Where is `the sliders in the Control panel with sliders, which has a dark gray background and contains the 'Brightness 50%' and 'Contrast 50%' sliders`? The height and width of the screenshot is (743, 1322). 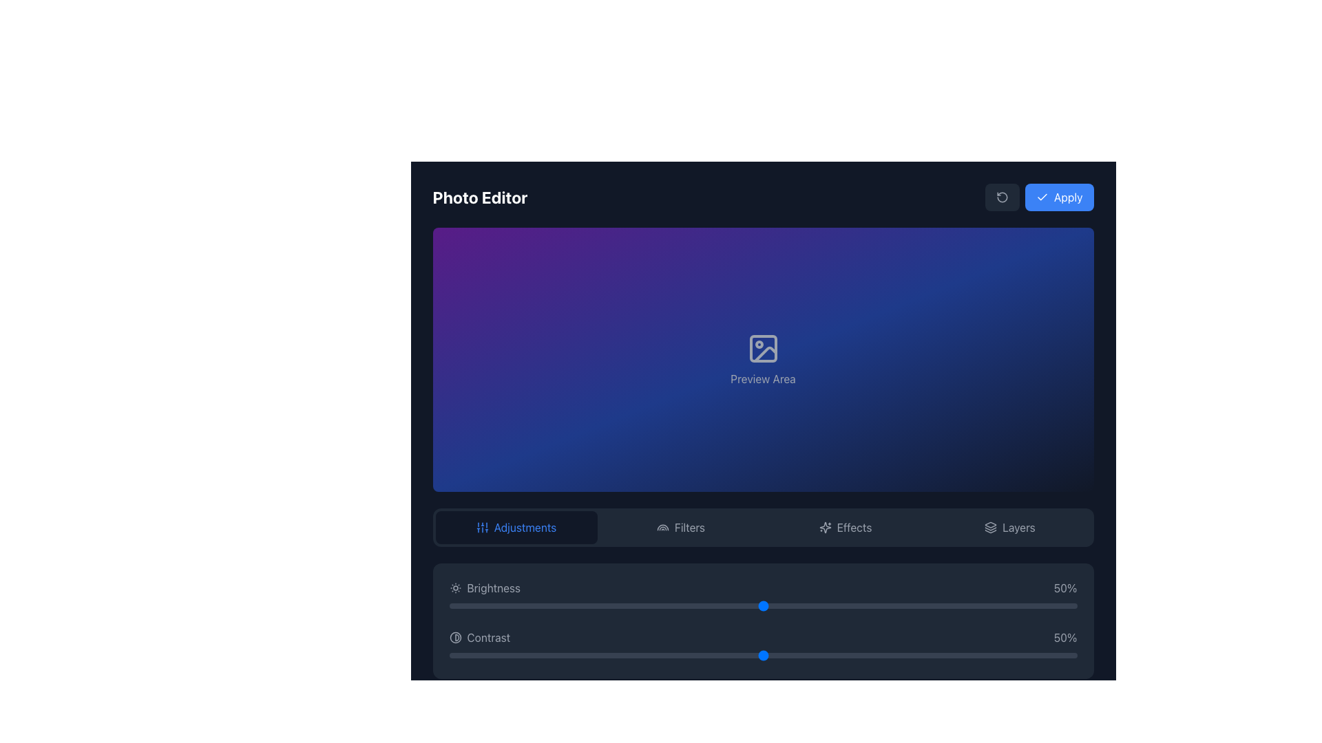
the sliders in the Control panel with sliders, which has a dark gray background and contains the 'Brightness 50%' and 'Contrast 50%' sliders is located at coordinates (762, 621).